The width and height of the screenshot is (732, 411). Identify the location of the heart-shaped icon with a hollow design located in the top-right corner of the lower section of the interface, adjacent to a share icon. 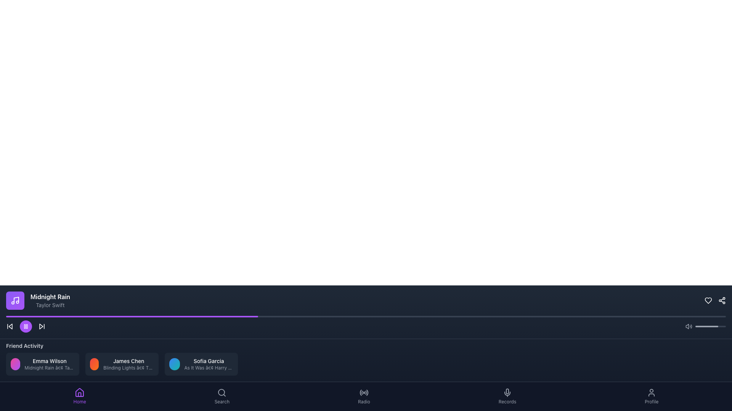
(708, 300).